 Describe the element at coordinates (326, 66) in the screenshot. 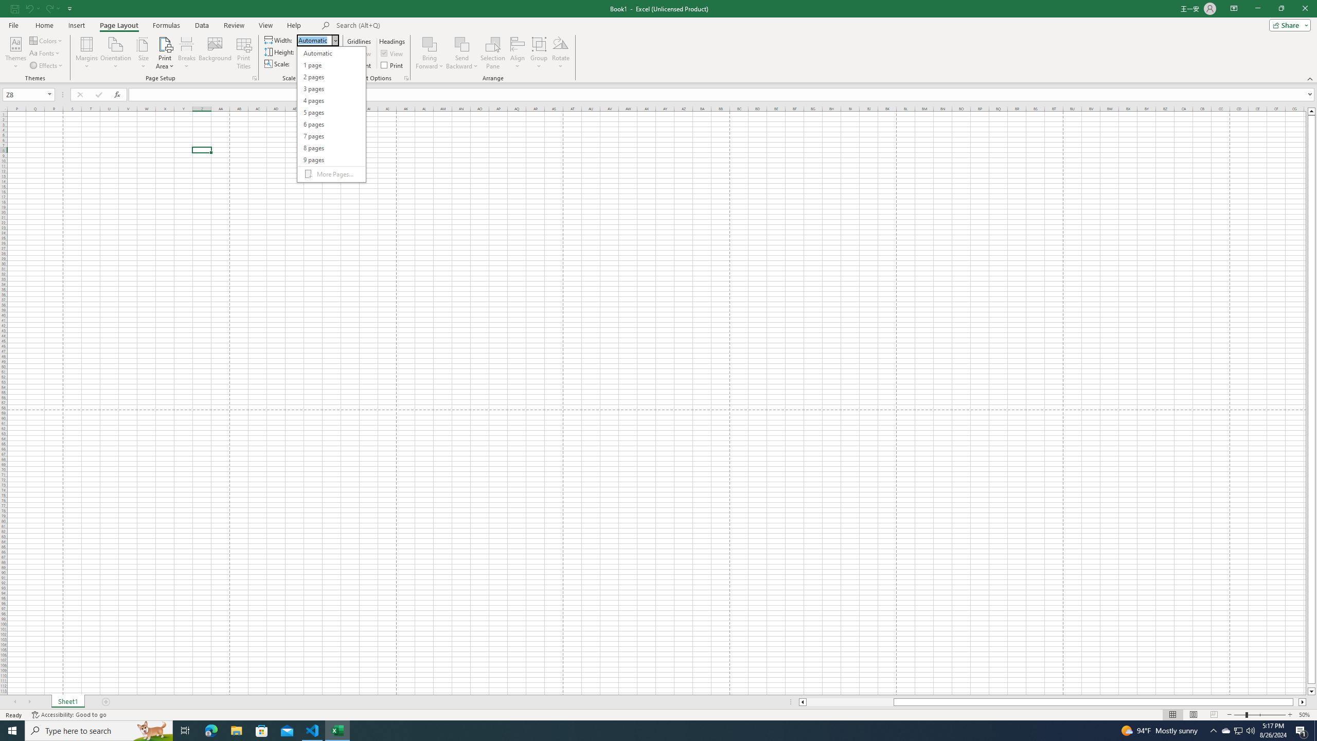

I see `'Less'` at that location.